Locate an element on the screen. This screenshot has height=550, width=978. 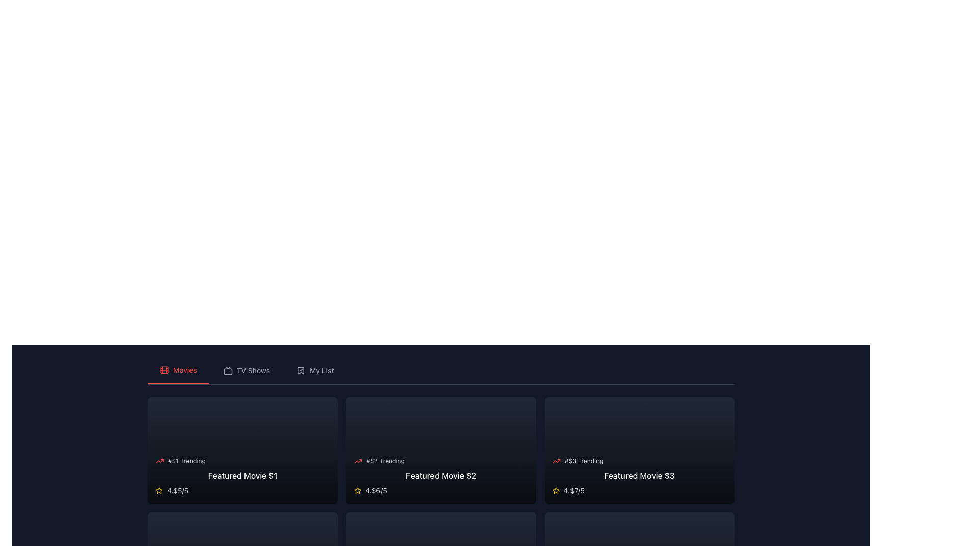
the star-shaped icon with a yellow border located in the rating section below the title 'Featured Movie $1' and next to the text '4.$5/5' is located at coordinates (158, 490).